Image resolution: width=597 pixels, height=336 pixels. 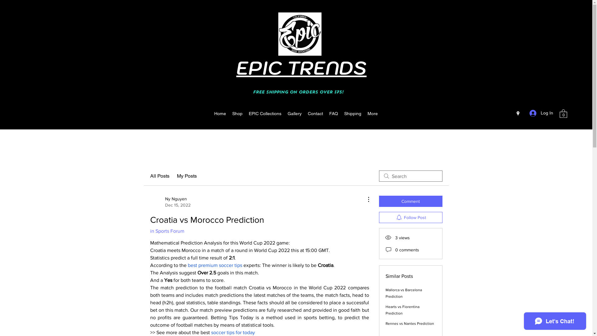 I want to click on 'My Posts', so click(x=186, y=176).